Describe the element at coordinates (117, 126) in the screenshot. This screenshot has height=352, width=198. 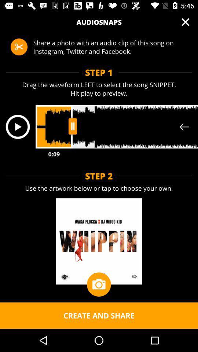
I see `the area which is just beside the play button` at that location.